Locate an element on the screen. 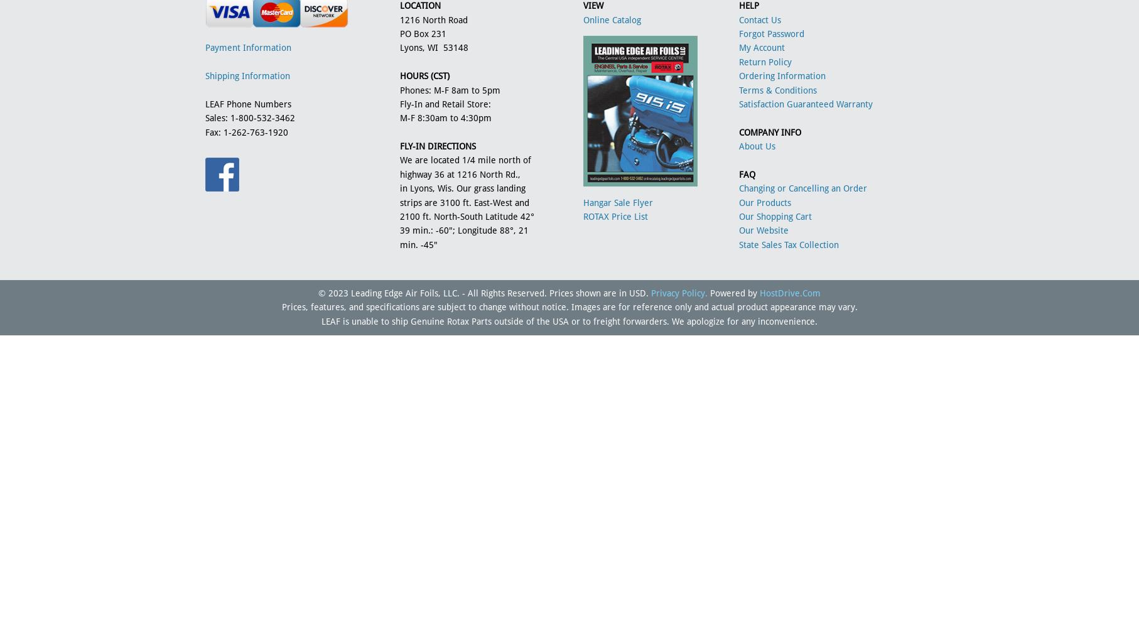  'Our Products' is located at coordinates (765, 202).